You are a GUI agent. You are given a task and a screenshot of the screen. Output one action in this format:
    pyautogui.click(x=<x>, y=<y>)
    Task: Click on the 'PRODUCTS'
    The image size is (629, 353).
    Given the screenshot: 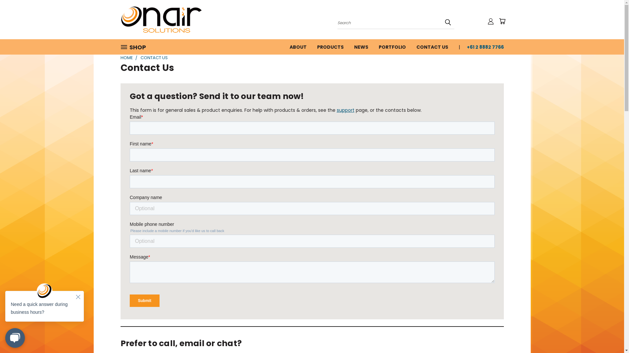 What is the action you would take?
    pyautogui.click(x=330, y=46)
    